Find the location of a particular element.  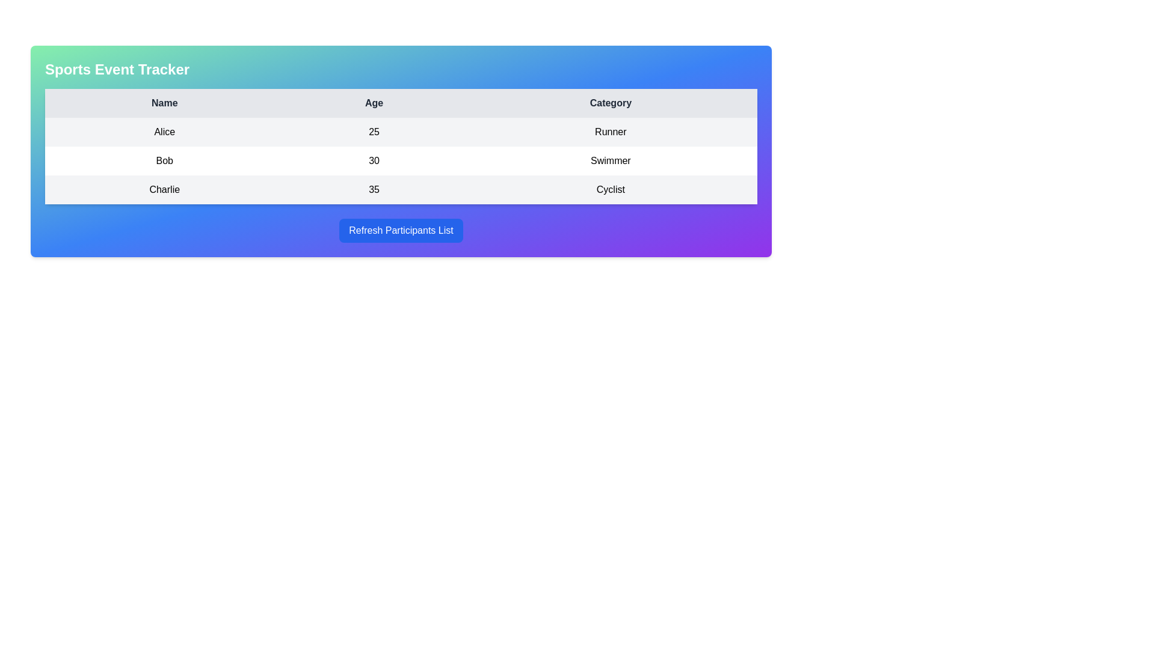

the text label that reads 'Swimmer' located in the third column of the second row within the data table under the 'Category' column is located at coordinates (611, 160).